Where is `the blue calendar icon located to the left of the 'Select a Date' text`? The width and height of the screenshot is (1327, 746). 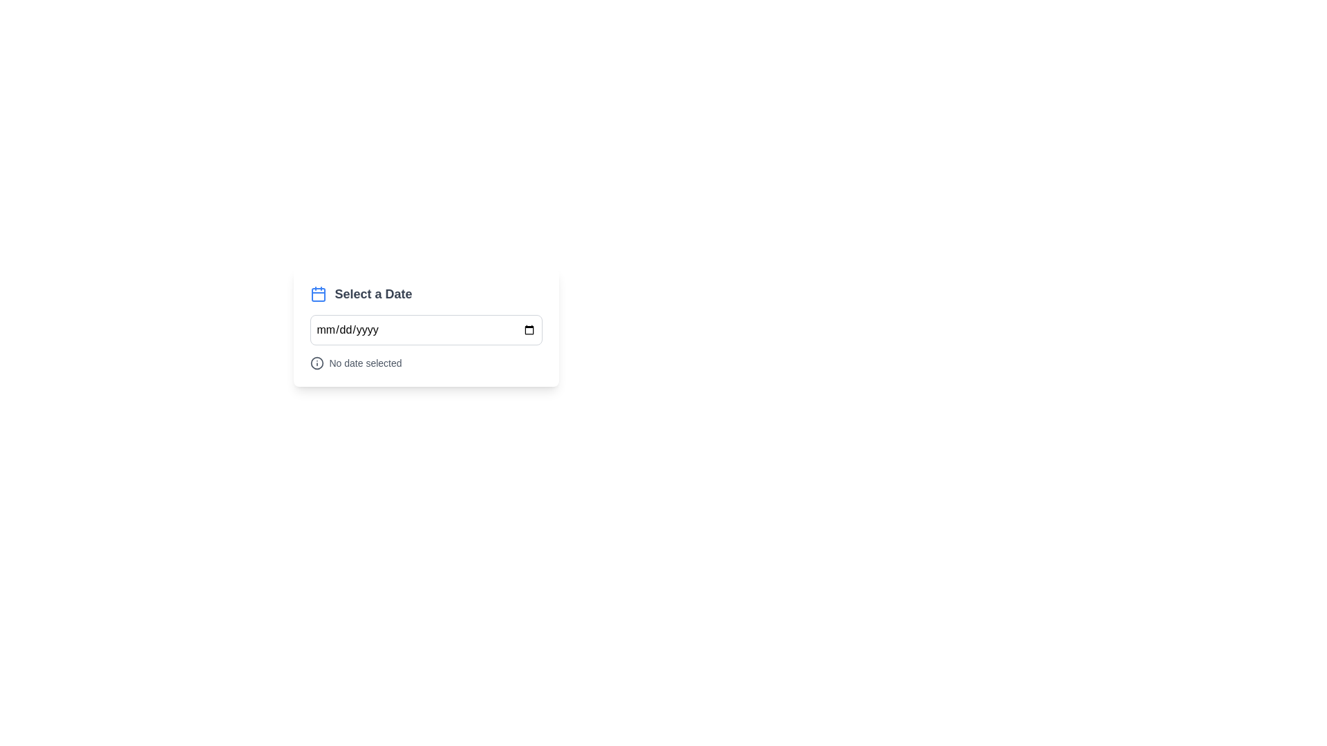
the blue calendar icon located to the left of the 'Select a Date' text is located at coordinates (317, 293).